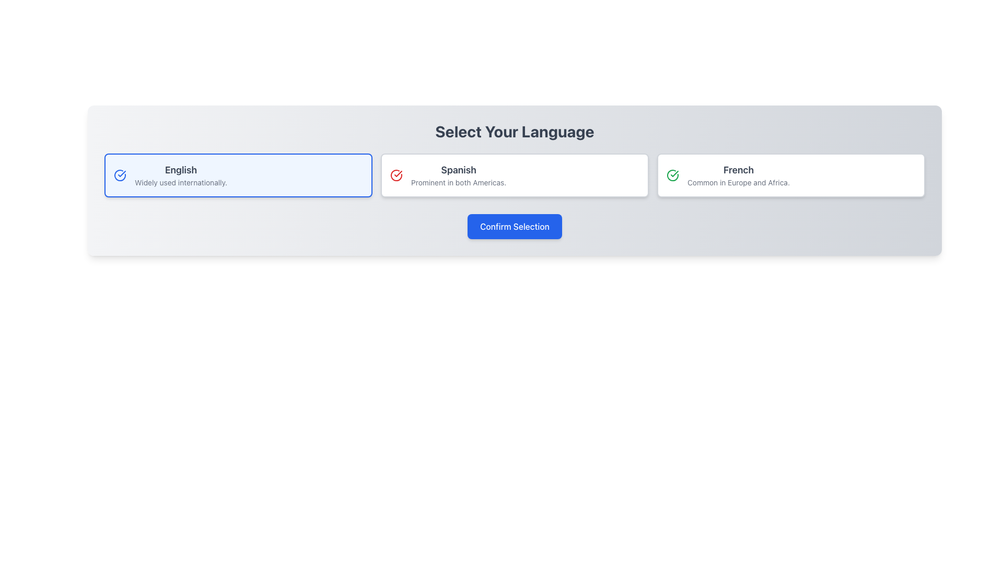  Describe the element at coordinates (515, 174) in the screenshot. I see `the 'Spanish' button, which is a rectangular card featuring a bold, dark-gray title and a subtitle, located in the second column of a three-column grid` at that location.